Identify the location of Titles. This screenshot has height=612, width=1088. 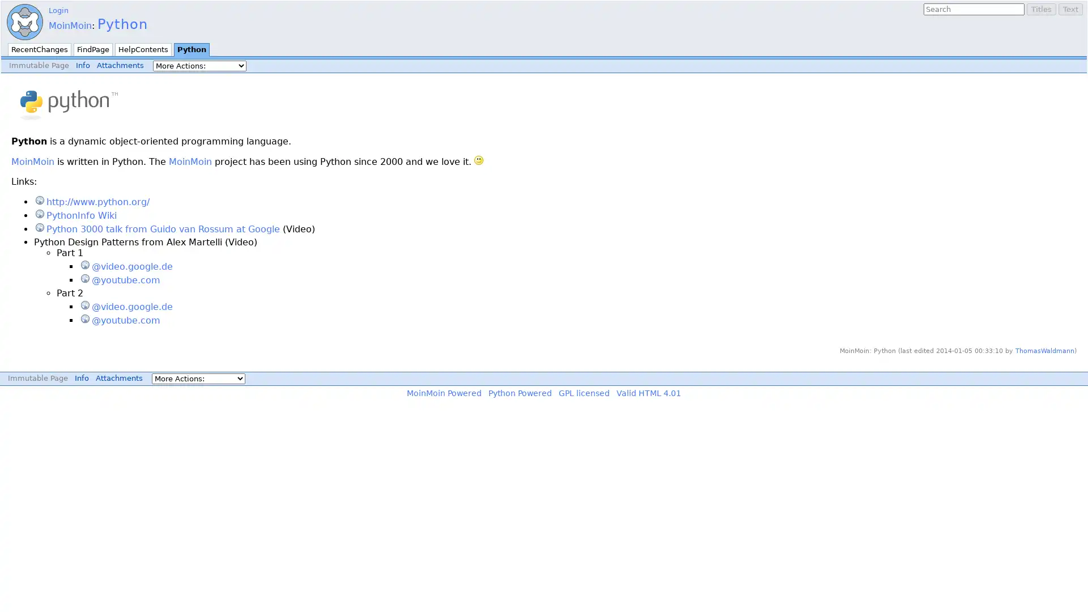
(1042, 9).